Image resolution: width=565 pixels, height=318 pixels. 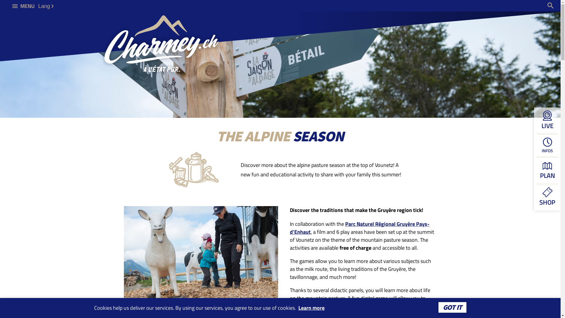 I want to click on 'Lang', so click(x=45, y=6).